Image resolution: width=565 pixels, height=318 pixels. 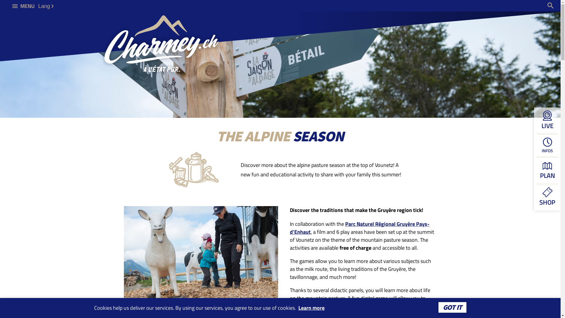 I want to click on 'Lang', so click(x=45, y=6).